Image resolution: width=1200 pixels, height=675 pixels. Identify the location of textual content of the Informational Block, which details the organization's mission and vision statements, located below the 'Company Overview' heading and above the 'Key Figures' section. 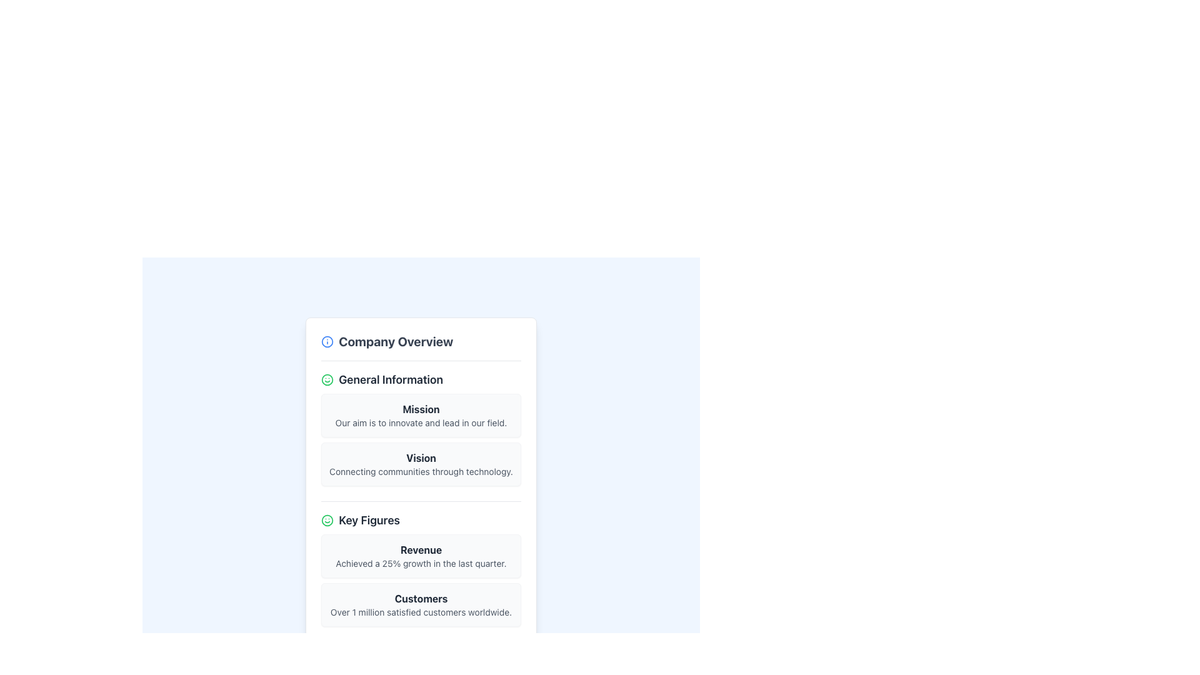
(421, 422).